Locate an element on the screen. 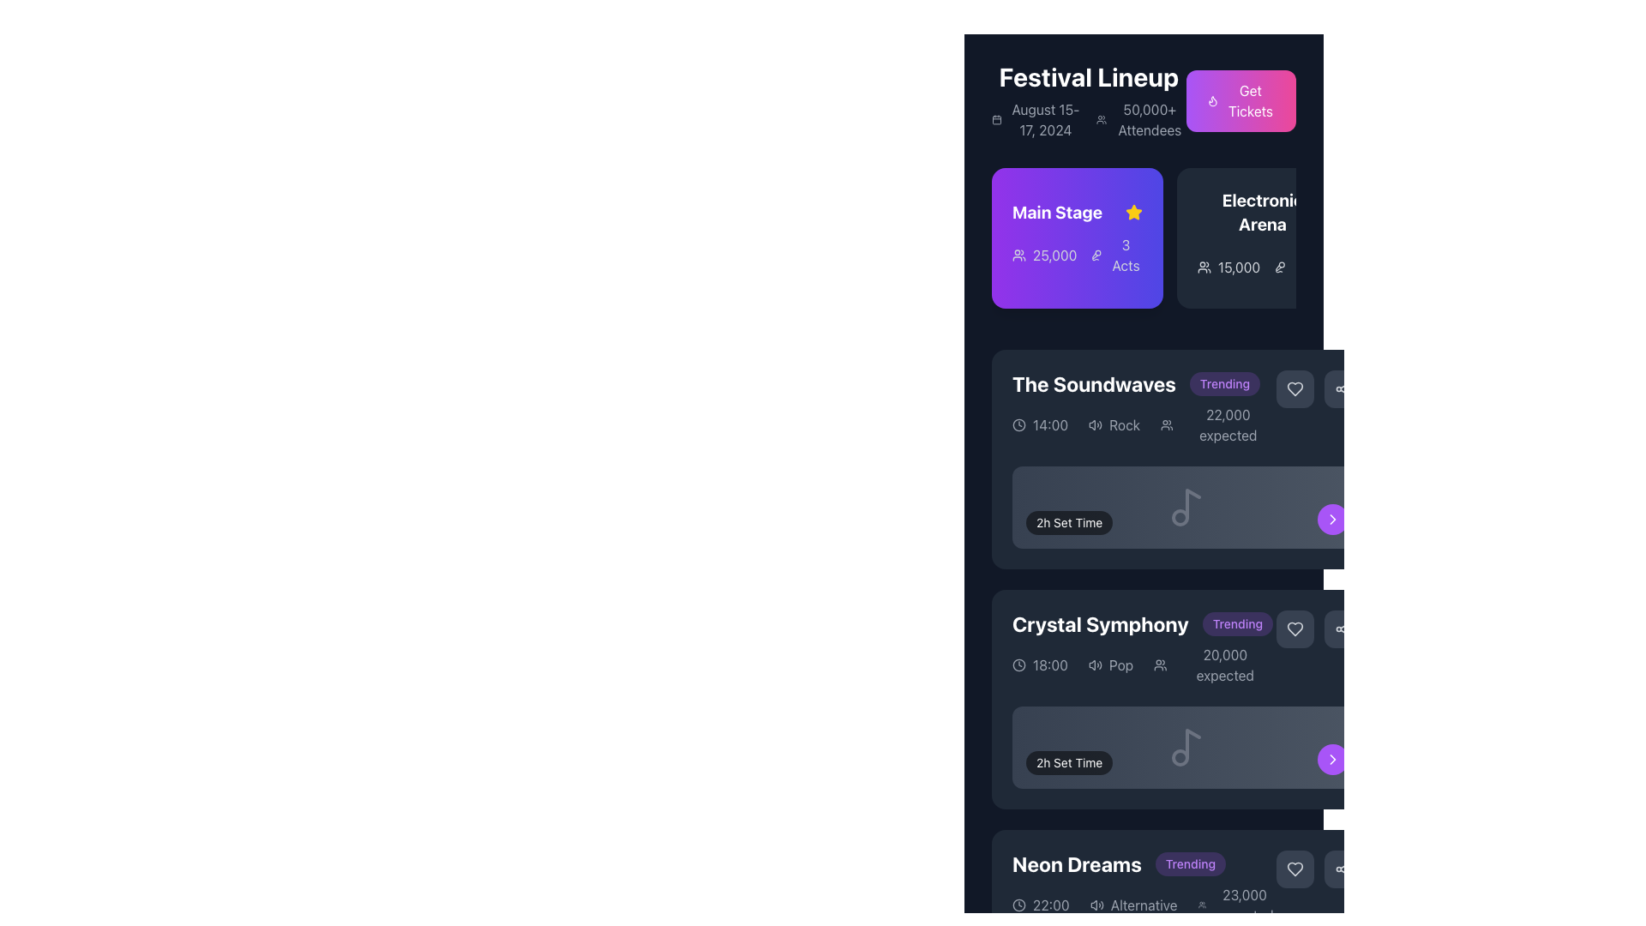 The width and height of the screenshot is (1646, 926). the second button in the upper-right corner of the 'Crystal Symphony' section is located at coordinates (1342, 628).